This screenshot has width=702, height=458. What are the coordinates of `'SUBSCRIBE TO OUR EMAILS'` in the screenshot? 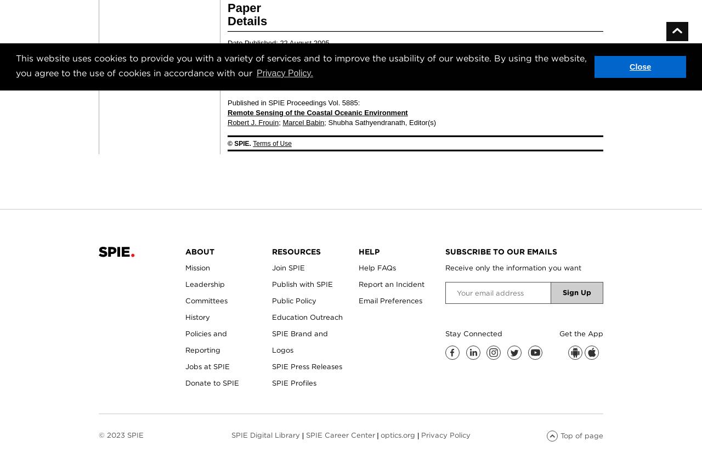 It's located at (445, 251).